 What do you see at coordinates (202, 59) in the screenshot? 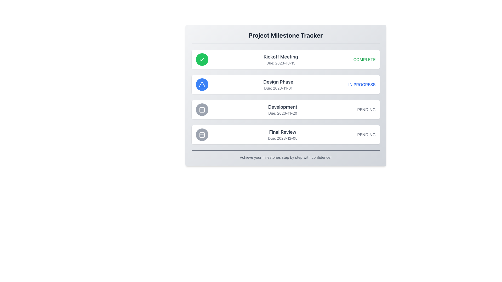
I see `the checkmark icon with a thin, rounded stroke set against a green circular background, located before the 'Kickoff Meeting' title in the project milestone list` at bounding box center [202, 59].